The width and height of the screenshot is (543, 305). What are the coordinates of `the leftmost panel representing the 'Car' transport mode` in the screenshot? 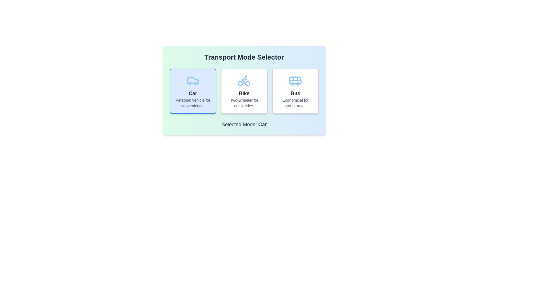 It's located at (193, 91).